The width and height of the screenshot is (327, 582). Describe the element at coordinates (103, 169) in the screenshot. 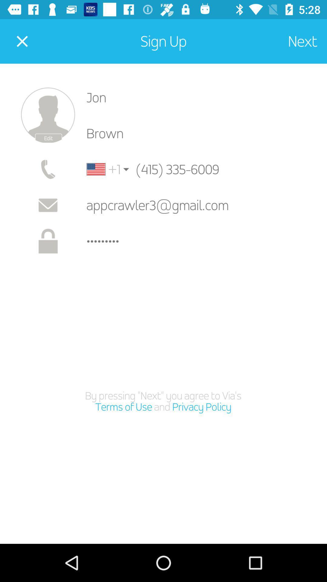

I see `the +1 icon` at that location.